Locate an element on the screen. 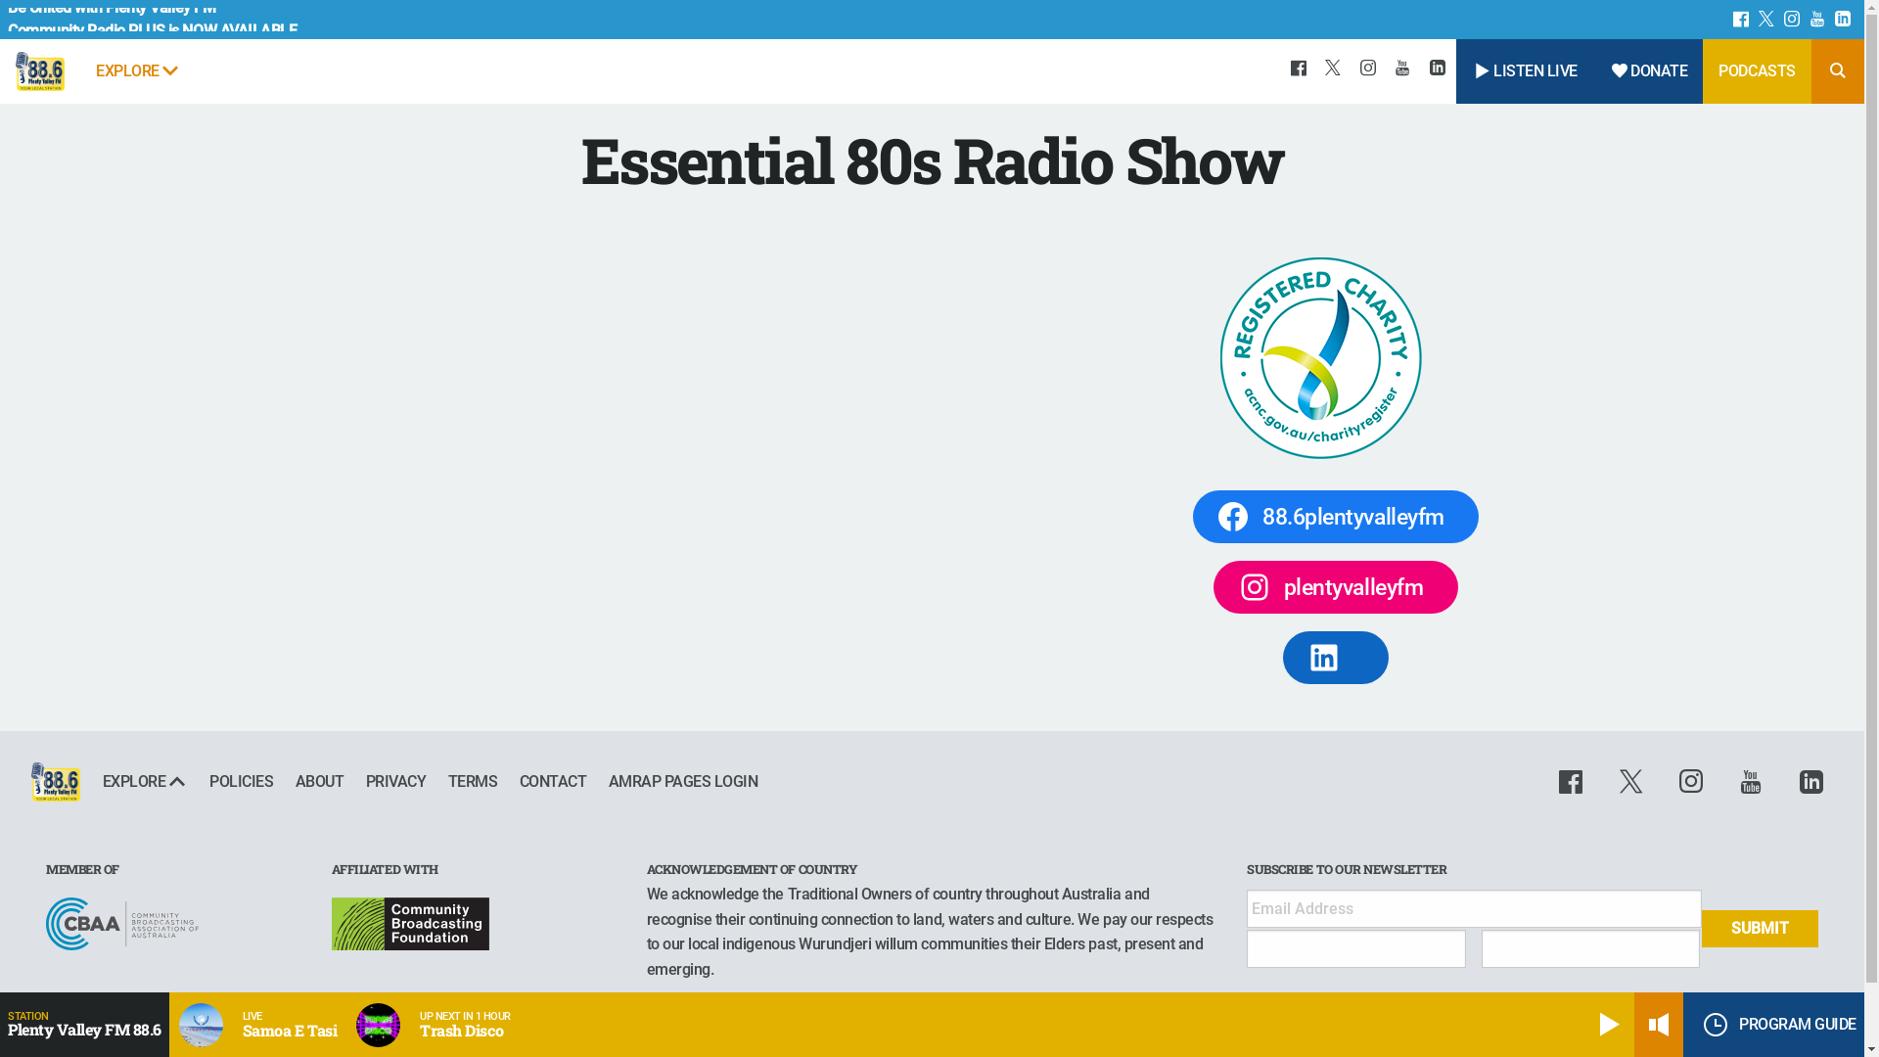 Image resolution: width=1879 pixels, height=1057 pixels. '88.6plentyvalleyfm' is located at coordinates (1334, 516).